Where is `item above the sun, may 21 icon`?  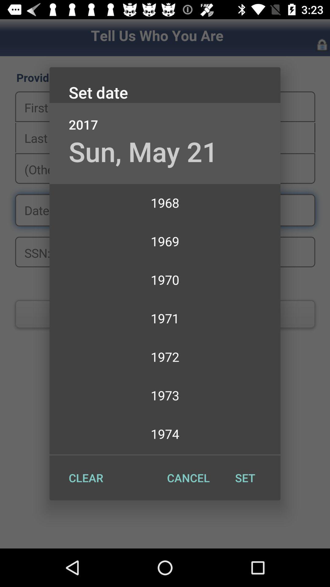 item above the sun, may 21 icon is located at coordinates (165, 118).